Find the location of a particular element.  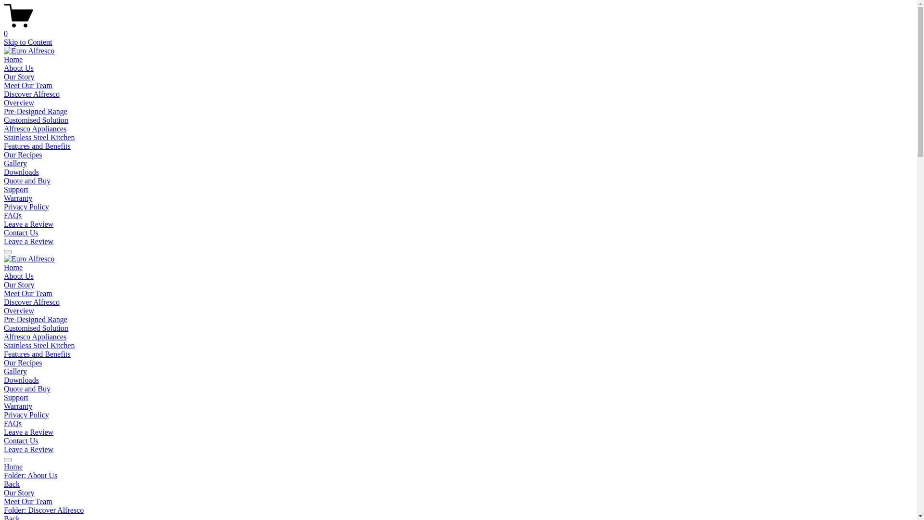

'Customised Solution' is located at coordinates (4, 119).